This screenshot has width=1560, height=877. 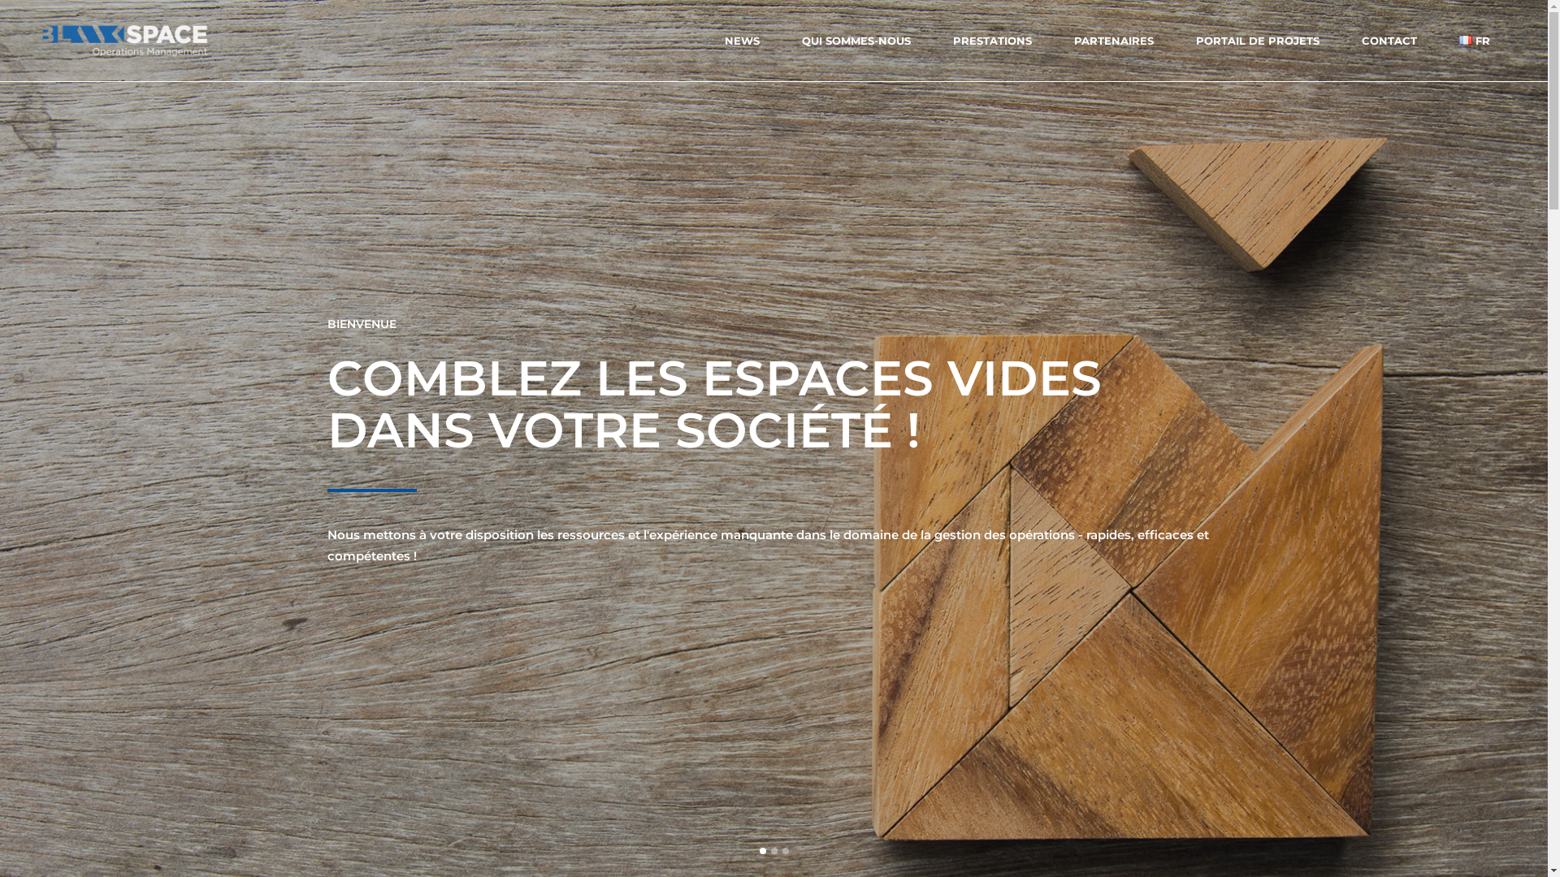 I want to click on 'PORTAIL DE PROJETS', so click(x=1256, y=40).